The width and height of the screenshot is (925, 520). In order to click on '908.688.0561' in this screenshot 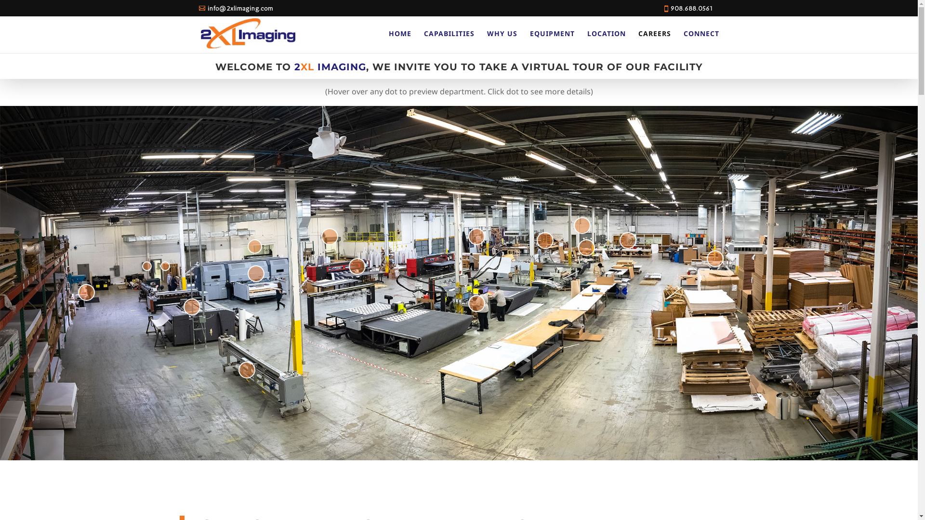, I will do `click(691, 8)`.